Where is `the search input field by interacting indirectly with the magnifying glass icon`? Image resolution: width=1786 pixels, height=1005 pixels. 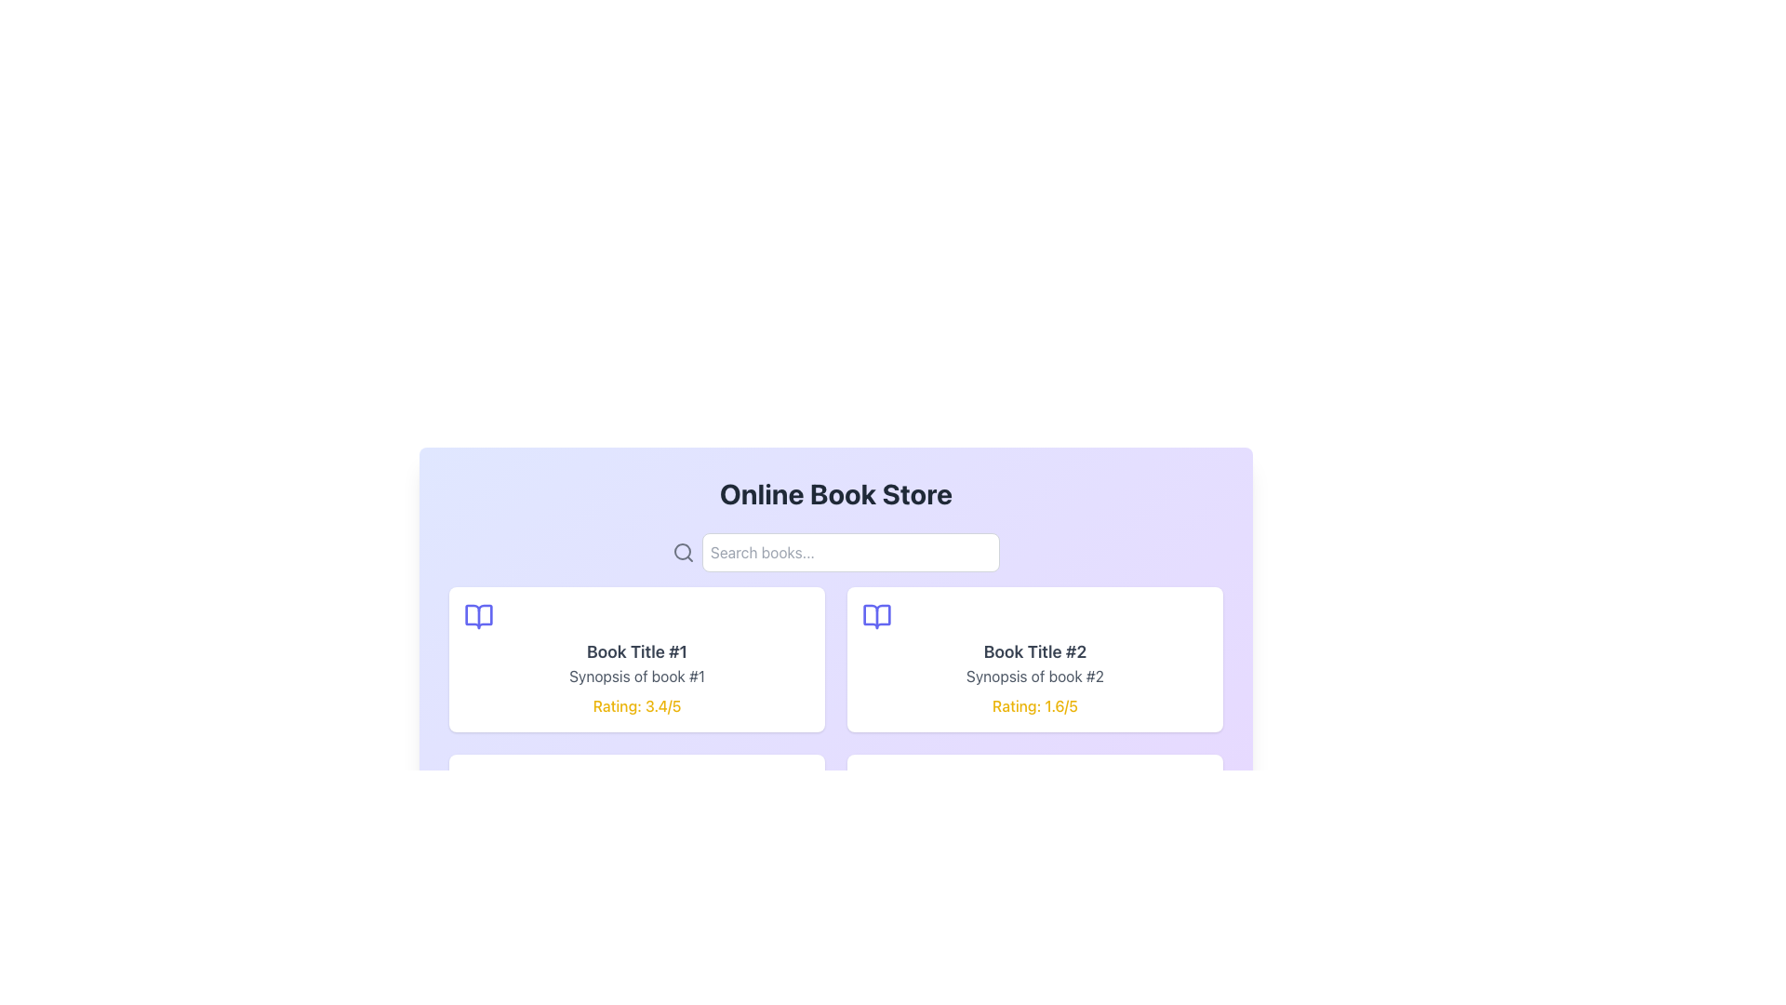
the search input field by interacting indirectly with the magnifying glass icon is located at coordinates (682, 552).